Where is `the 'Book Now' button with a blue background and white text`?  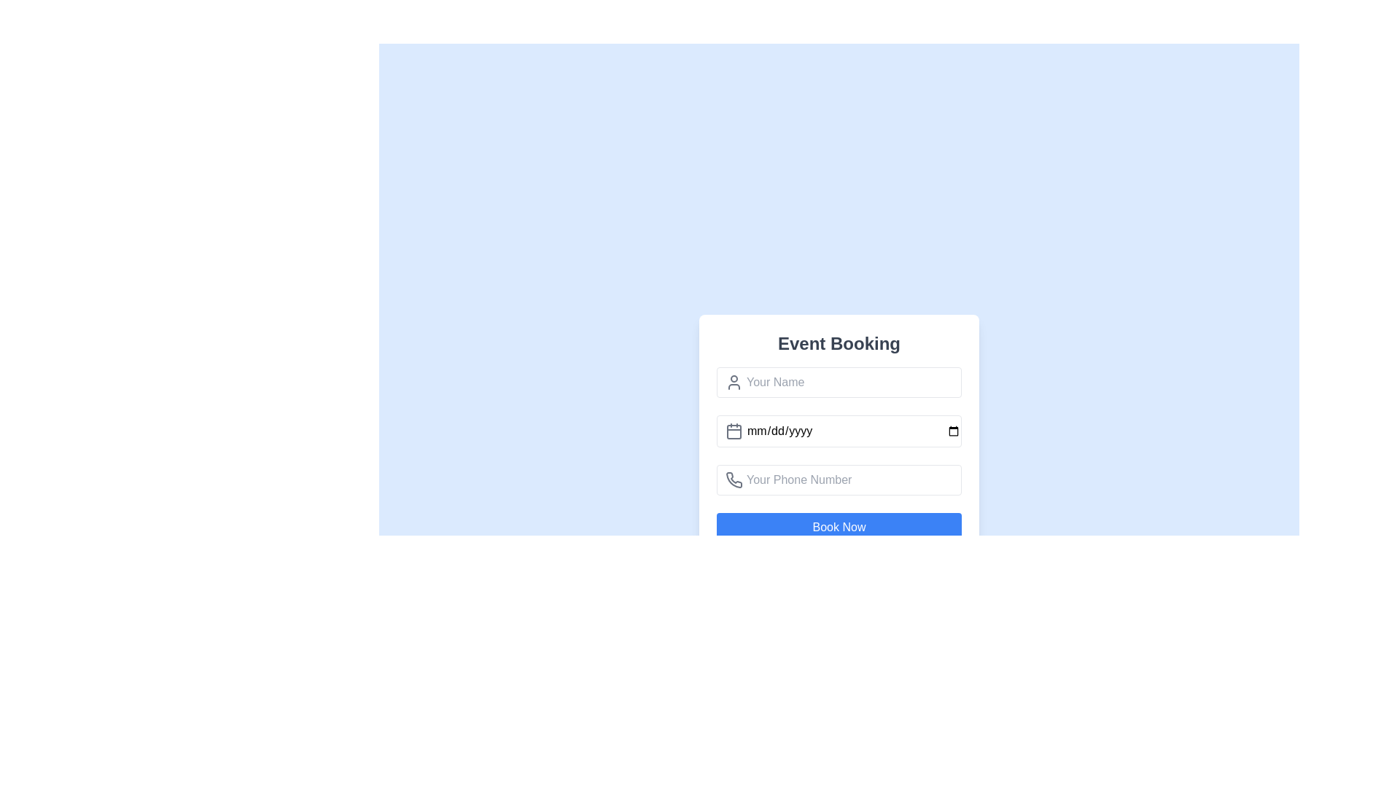 the 'Book Now' button with a blue background and white text is located at coordinates (839, 528).